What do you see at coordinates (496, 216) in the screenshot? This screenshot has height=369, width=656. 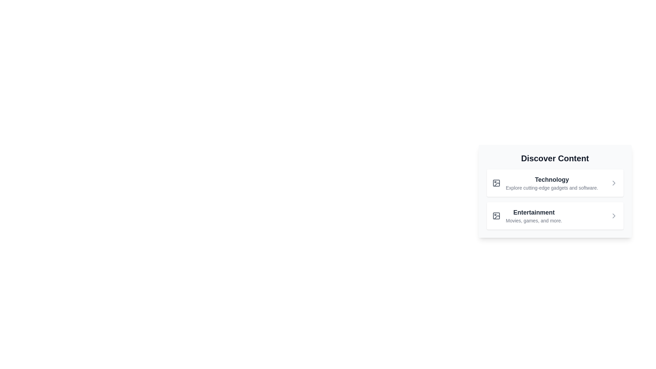 I see `the larger rectangular Vector graphic component within the 'Entertainment' SVG icon, which serves as the background of the icon design` at bounding box center [496, 216].